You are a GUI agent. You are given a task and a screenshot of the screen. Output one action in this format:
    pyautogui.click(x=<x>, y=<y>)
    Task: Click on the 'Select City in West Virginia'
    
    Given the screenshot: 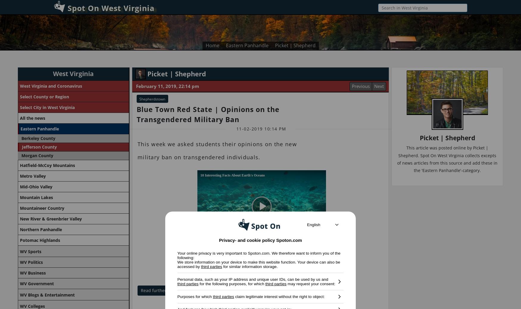 What is the action you would take?
    pyautogui.click(x=20, y=107)
    